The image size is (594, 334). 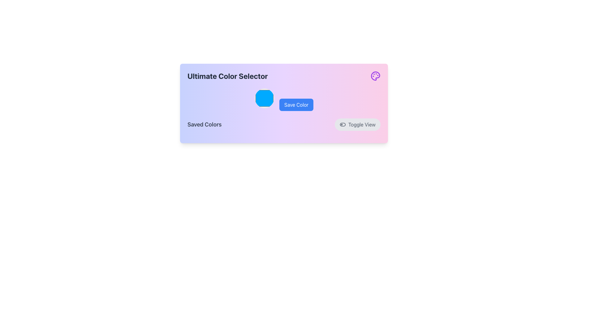 I want to click on the toggle switch background to change its state from on to off or vice versa, so click(x=342, y=124).